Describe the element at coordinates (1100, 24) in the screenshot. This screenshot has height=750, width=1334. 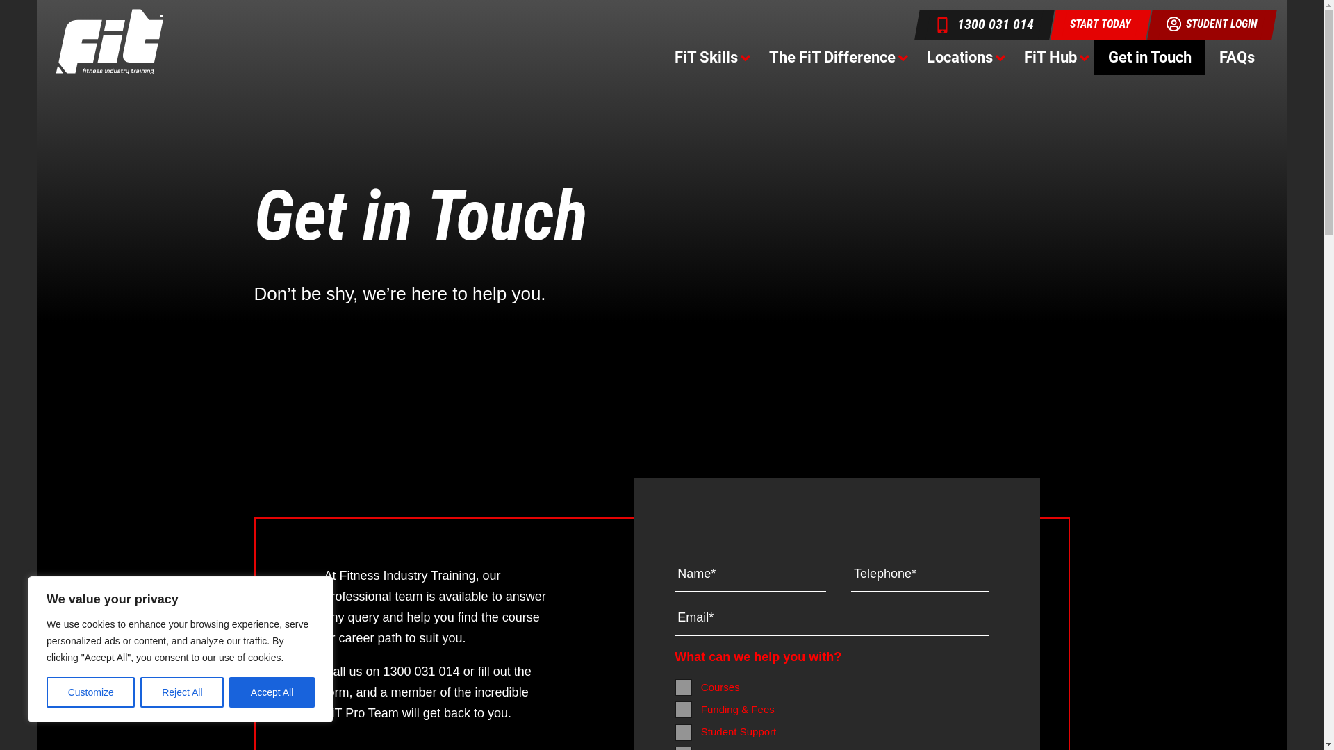
I see `'START TODAY'` at that location.